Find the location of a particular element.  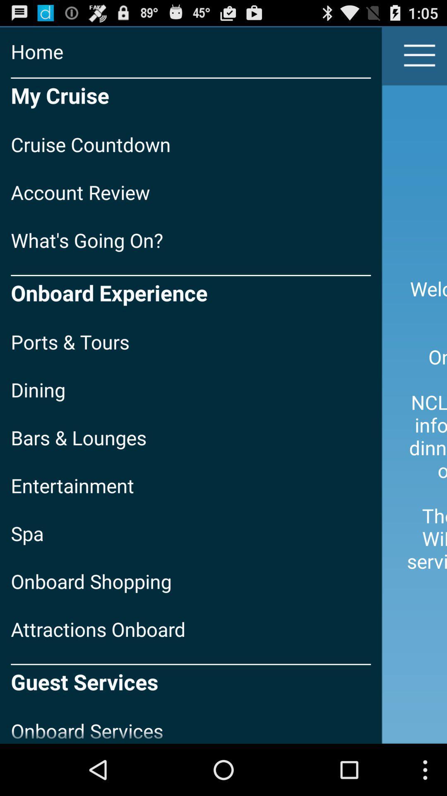

item next to the home is located at coordinates (420, 55).